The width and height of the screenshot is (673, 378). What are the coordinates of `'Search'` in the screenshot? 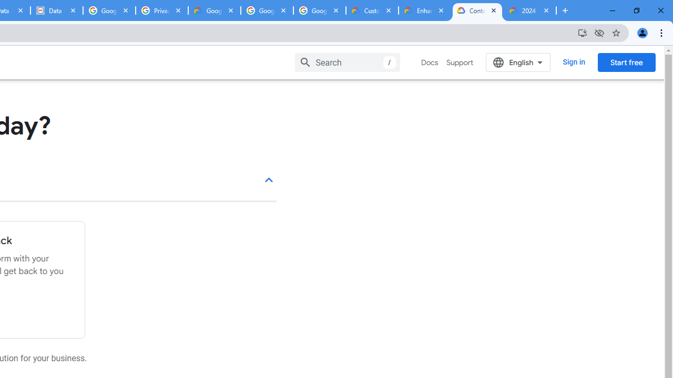 It's located at (348, 62).